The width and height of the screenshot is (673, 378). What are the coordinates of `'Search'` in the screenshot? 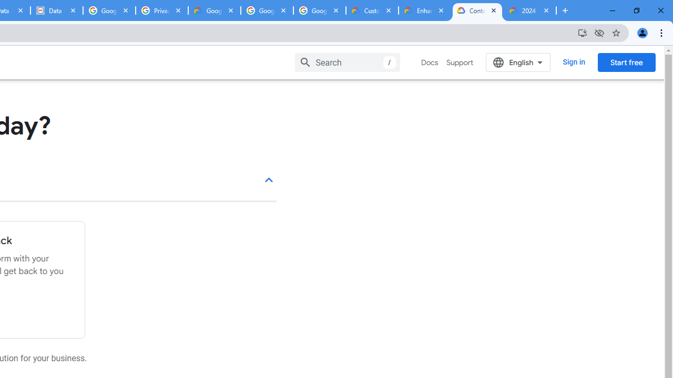 It's located at (348, 62).